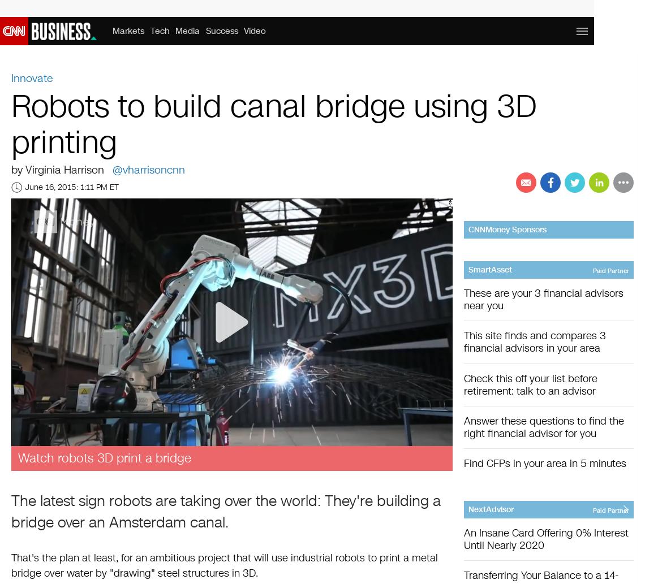 The image size is (645, 584). What do you see at coordinates (32, 78) in the screenshot?
I see `'Innovate'` at bounding box center [32, 78].